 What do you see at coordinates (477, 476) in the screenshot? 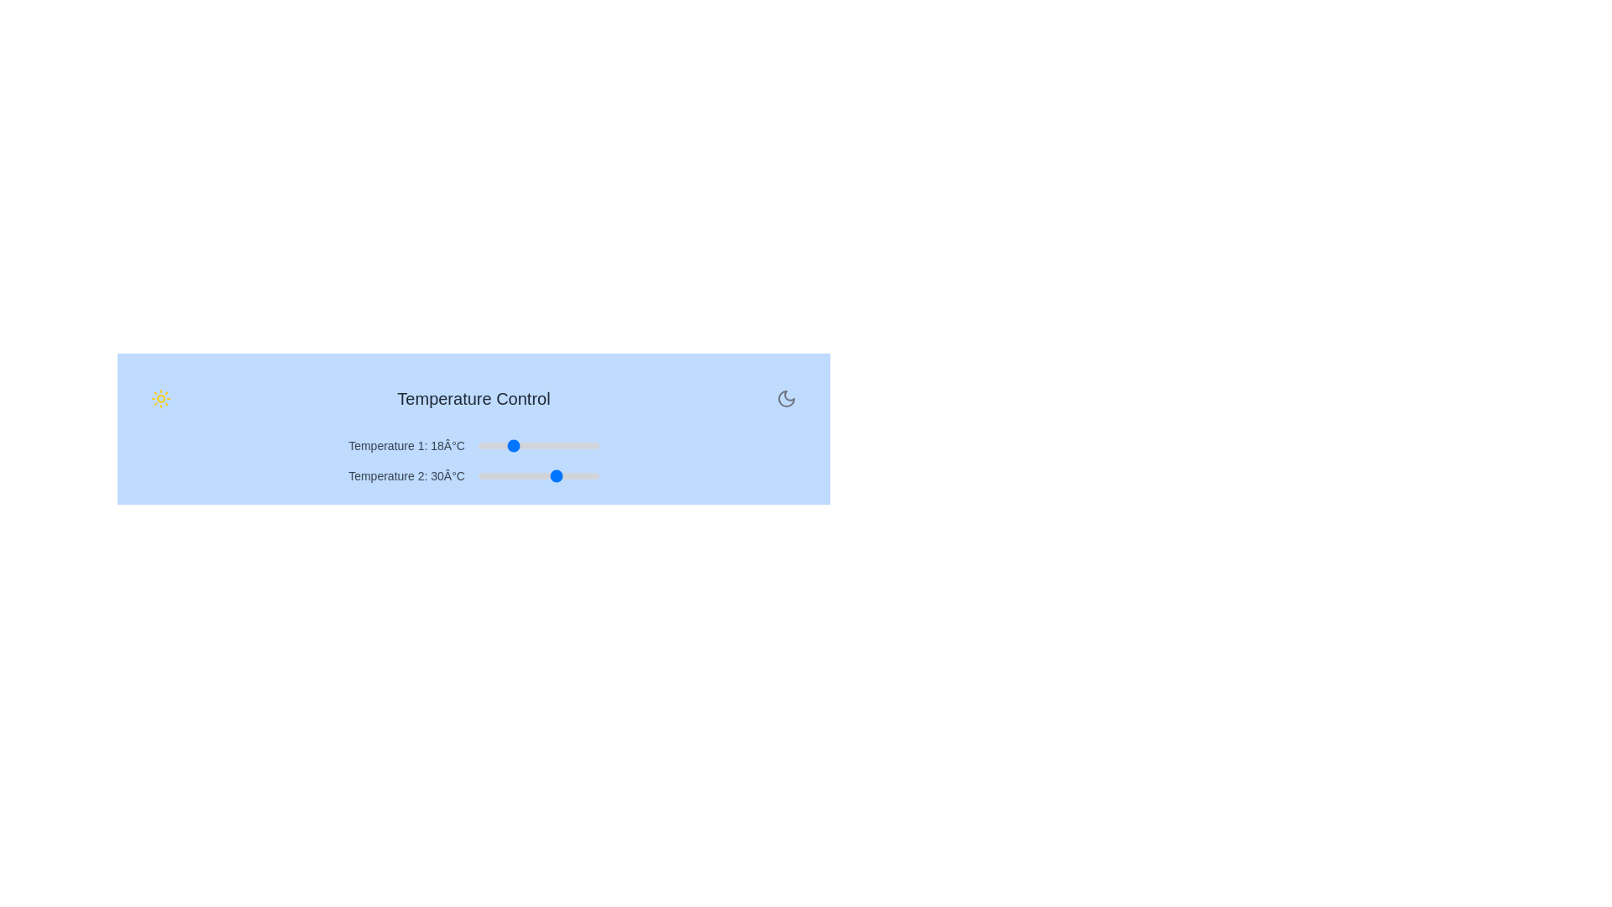
I see `the temperature slider` at bounding box center [477, 476].